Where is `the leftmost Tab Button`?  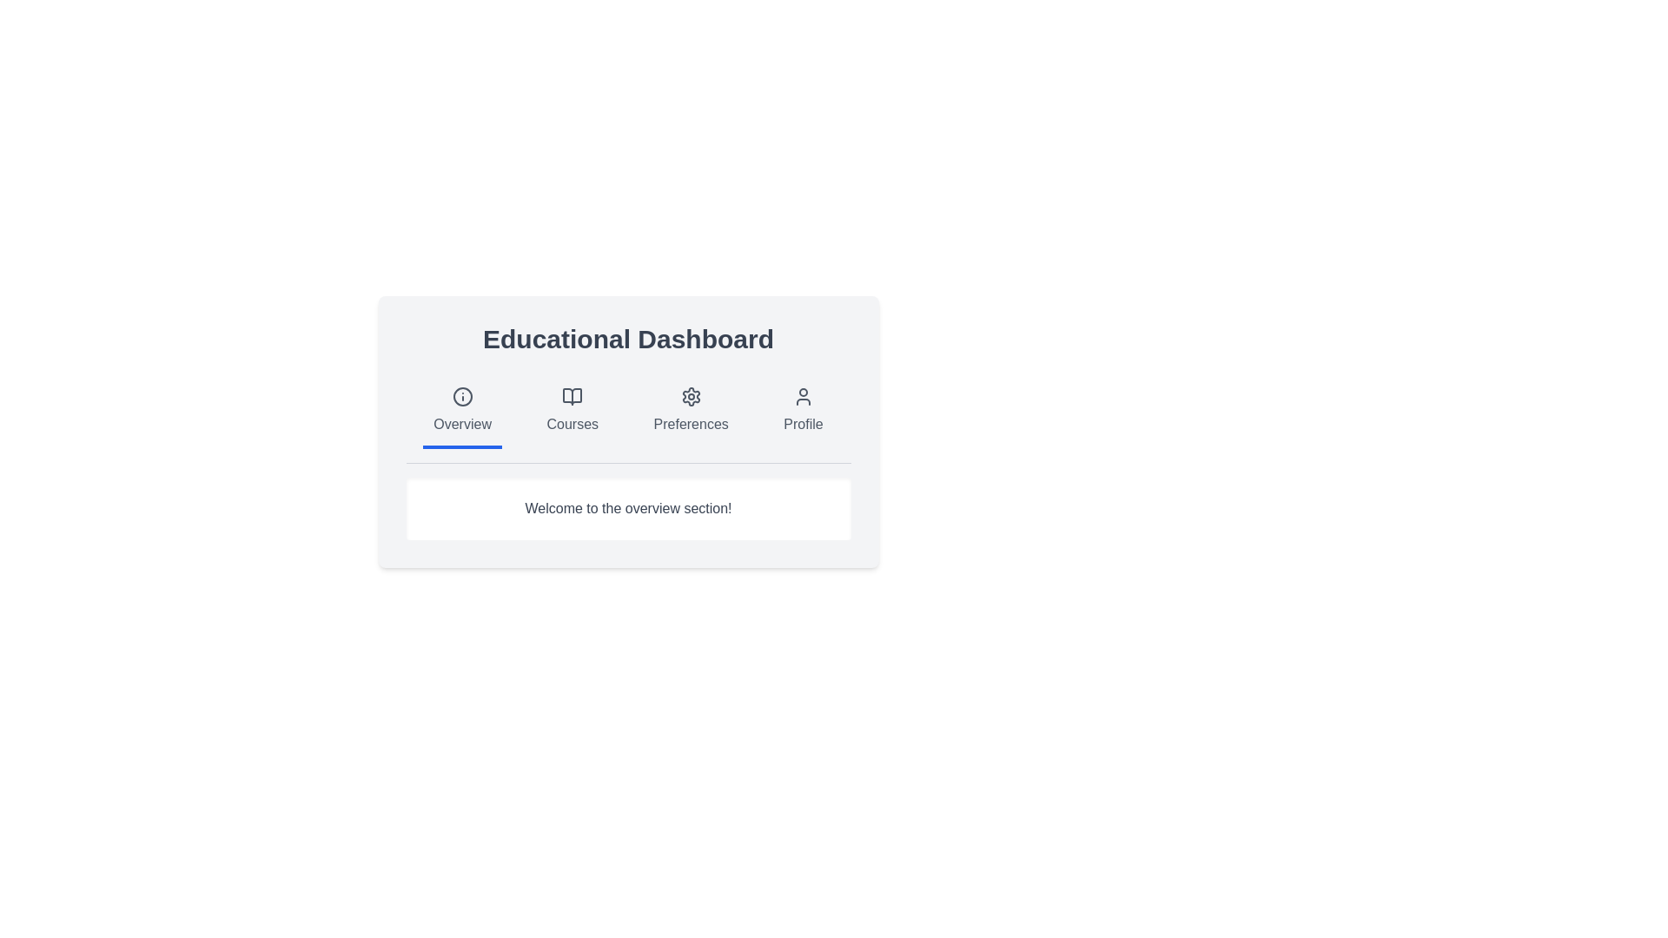 the leftmost Tab Button is located at coordinates (462, 412).